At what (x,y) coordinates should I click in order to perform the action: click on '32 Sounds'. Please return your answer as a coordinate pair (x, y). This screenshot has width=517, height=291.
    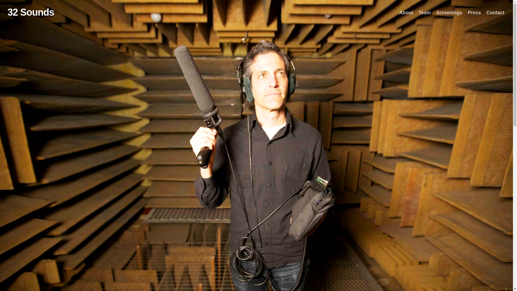
    Looking at the image, I should click on (30, 12).